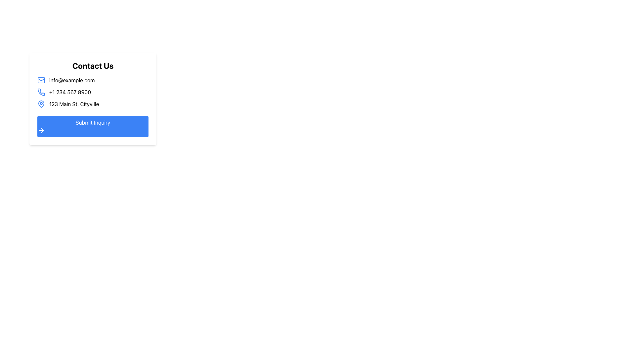 The width and height of the screenshot is (635, 357). I want to click on static text element displaying the address '123 Main St, Cityville', which is located in the third row of the main contact information section, accompanied by a blue location pin icon, so click(93, 104).